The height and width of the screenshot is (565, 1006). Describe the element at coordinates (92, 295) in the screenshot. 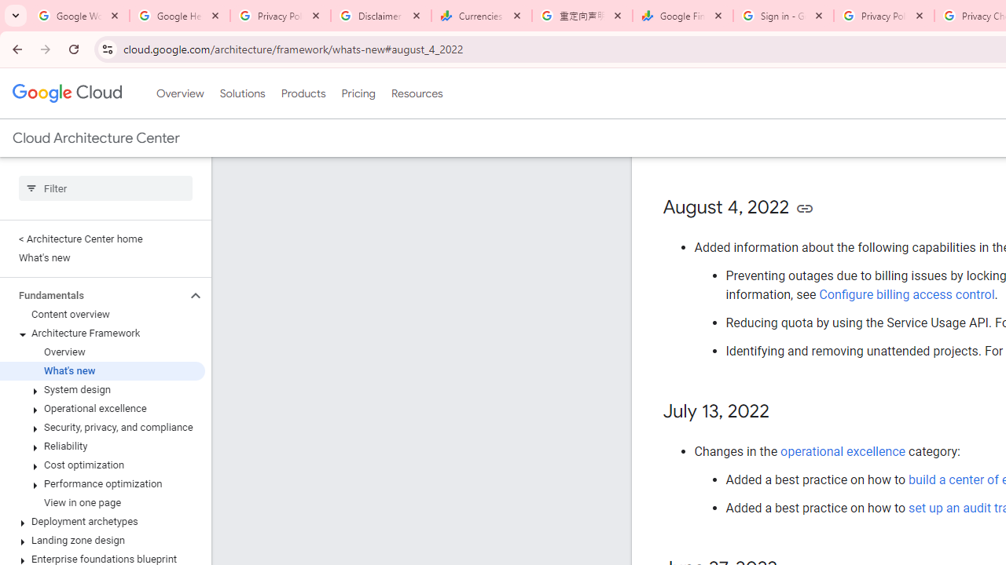

I see `'Fundamentals'` at that location.